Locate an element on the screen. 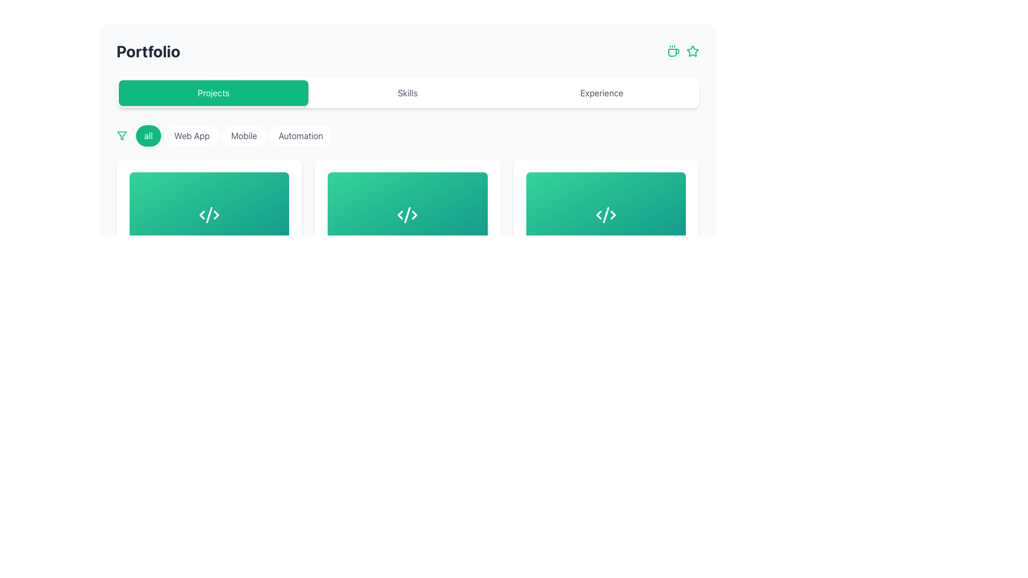 The image size is (1028, 578). the segmented tabs of the navigation bar located just below the 'Portfolio' header is located at coordinates (407, 92).